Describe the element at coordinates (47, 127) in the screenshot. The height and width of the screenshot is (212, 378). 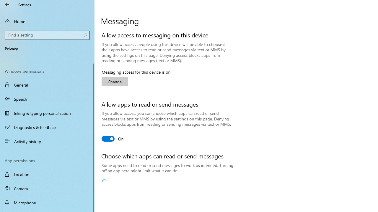
I see `'Diagnostics & feedback'` at that location.